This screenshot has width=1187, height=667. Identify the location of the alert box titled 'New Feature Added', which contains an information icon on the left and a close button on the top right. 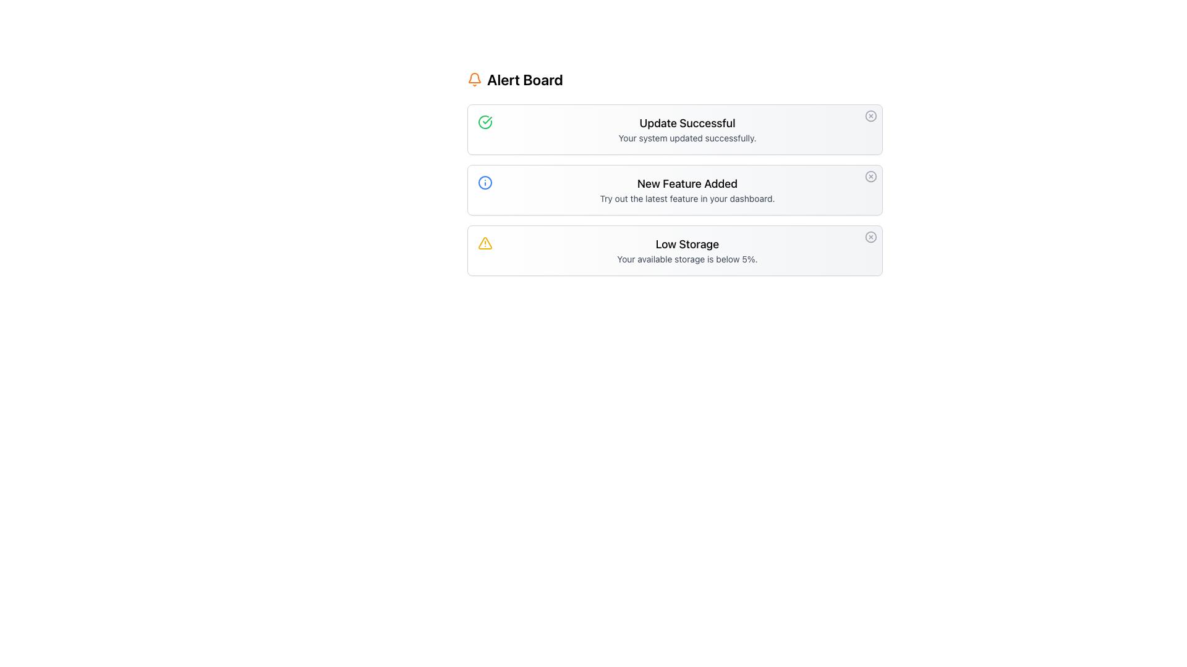
(674, 190).